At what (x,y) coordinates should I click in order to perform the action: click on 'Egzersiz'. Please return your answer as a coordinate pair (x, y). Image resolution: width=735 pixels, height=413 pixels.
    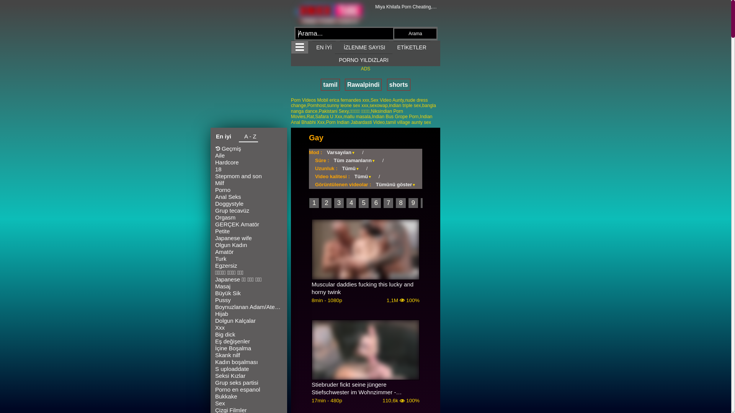
    Looking at the image, I should click on (248, 265).